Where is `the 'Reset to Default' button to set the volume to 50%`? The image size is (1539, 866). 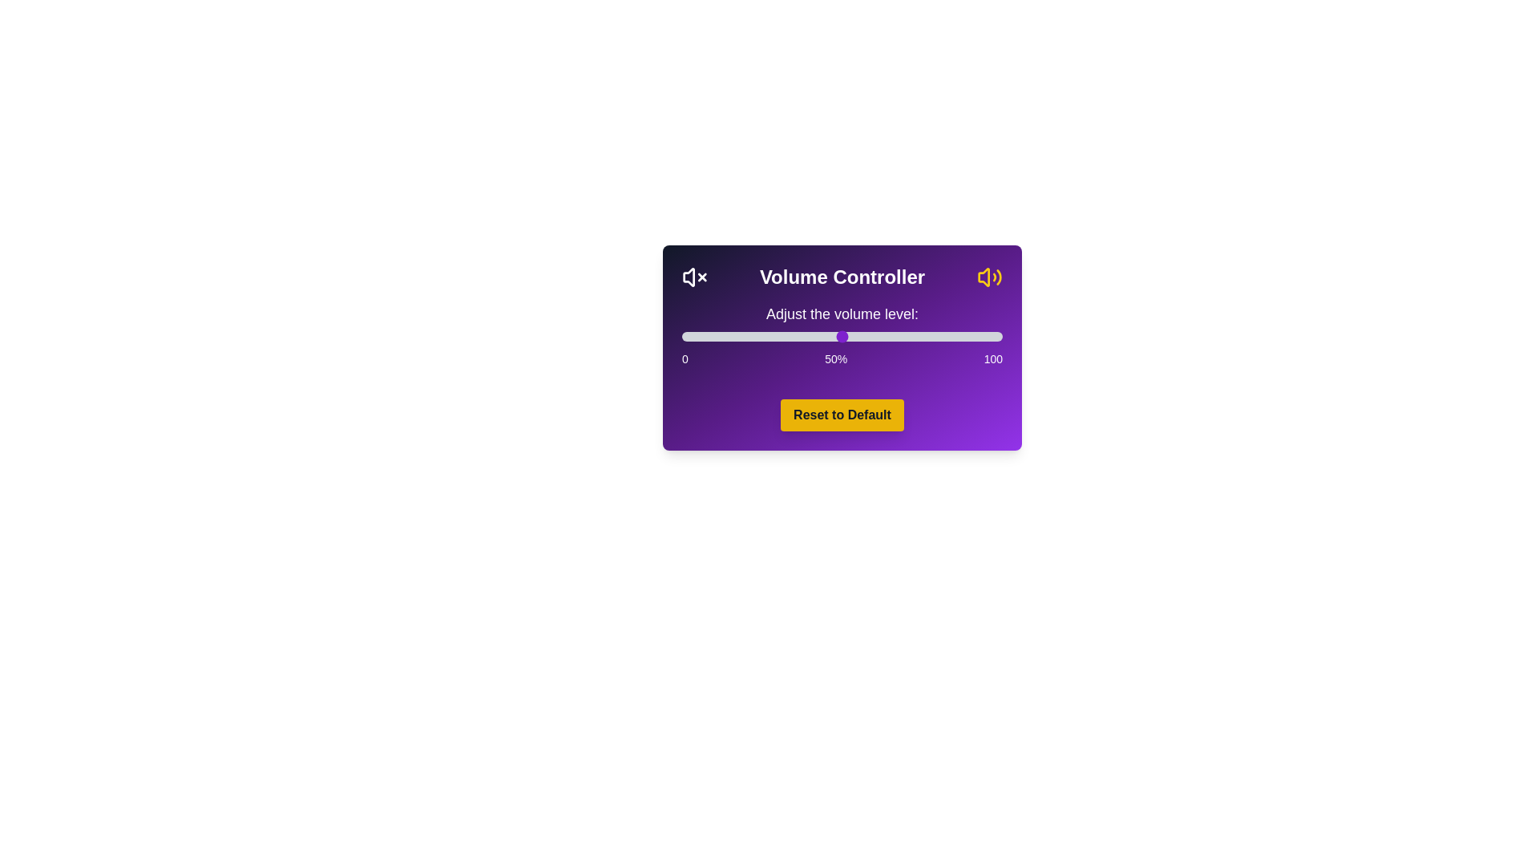 the 'Reset to Default' button to set the volume to 50% is located at coordinates (842, 414).